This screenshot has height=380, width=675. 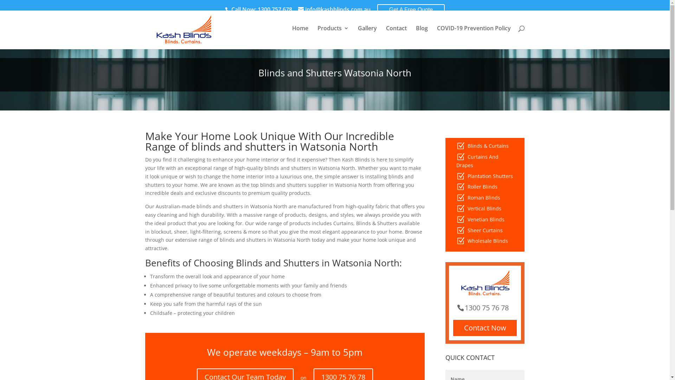 I want to click on 'Contact', so click(x=396, y=34).